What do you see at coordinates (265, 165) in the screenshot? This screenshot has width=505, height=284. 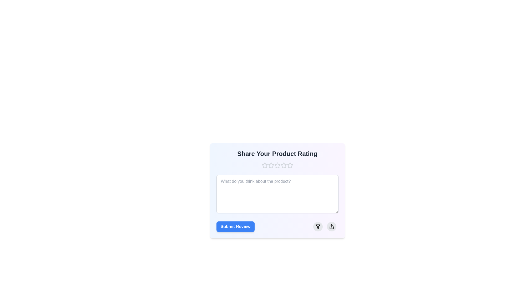 I see `the first star rating icon in the rating component located below the 'Share Your Product Rating' header` at bounding box center [265, 165].